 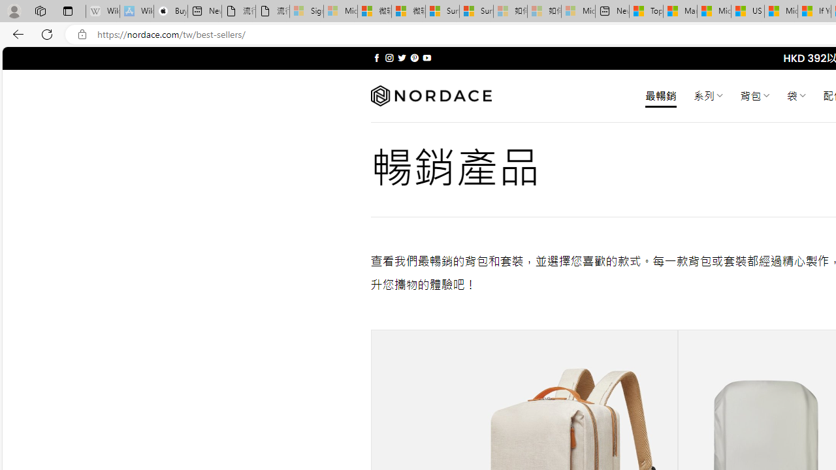 What do you see at coordinates (413, 57) in the screenshot?
I see `'Follow on Pinterest'` at bounding box center [413, 57].